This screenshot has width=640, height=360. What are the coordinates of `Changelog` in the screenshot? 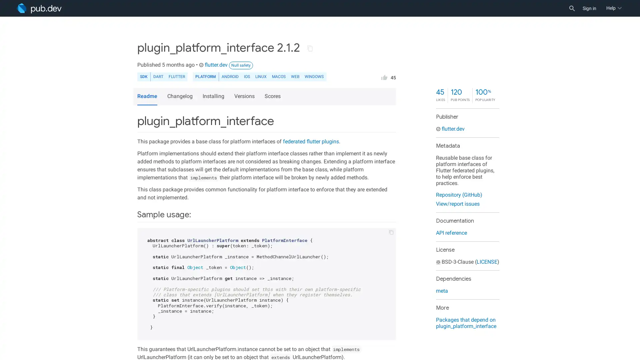 It's located at (181, 96).